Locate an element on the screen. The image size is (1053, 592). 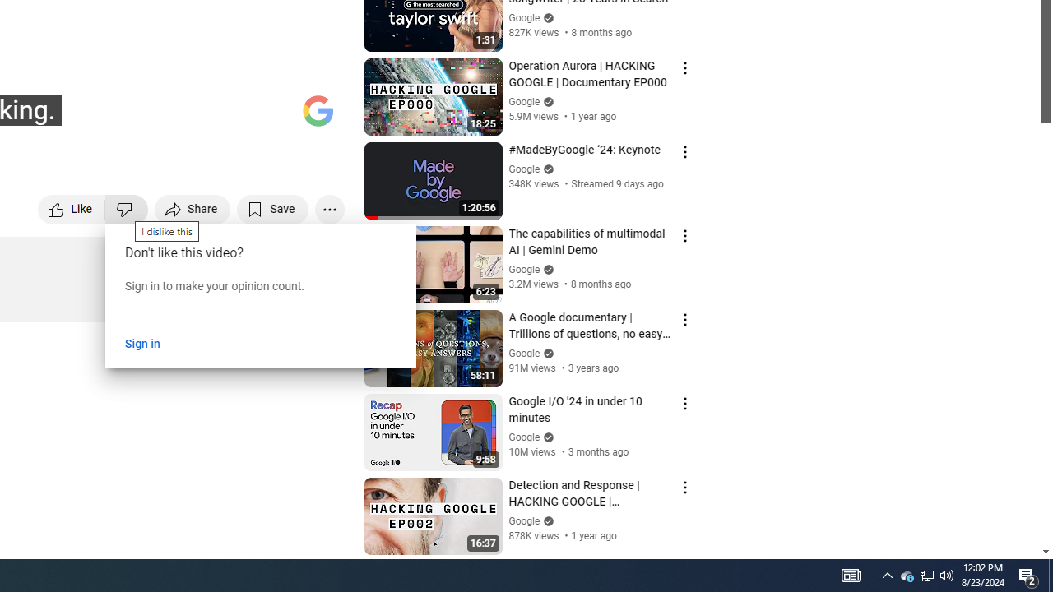
'Save to playlist' is located at coordinates (272, 208).